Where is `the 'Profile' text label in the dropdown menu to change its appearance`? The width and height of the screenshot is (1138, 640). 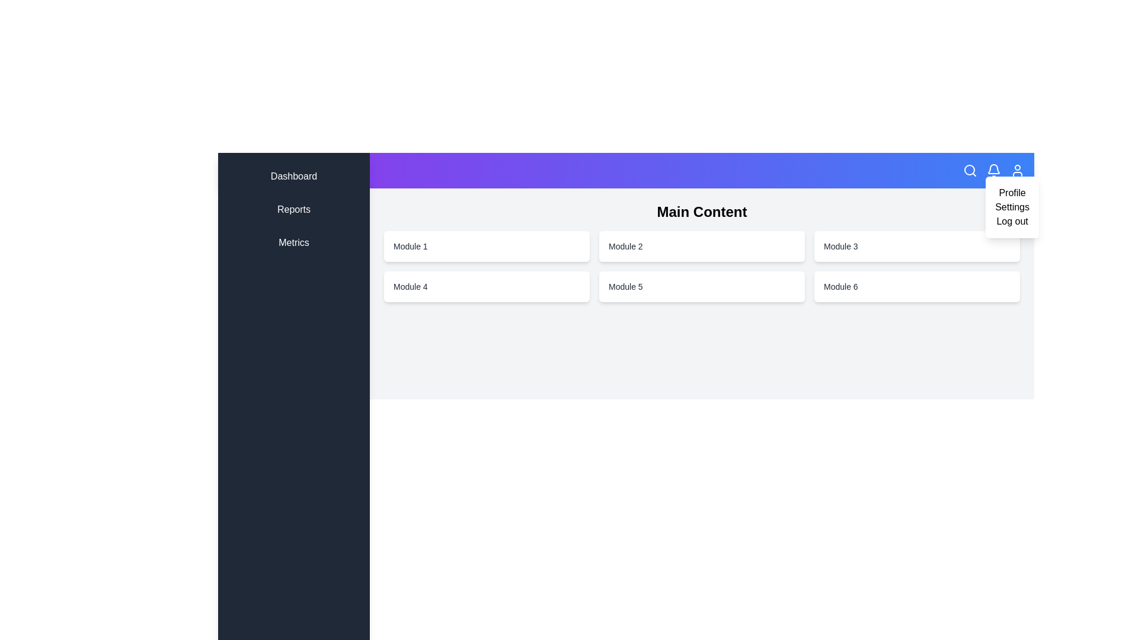
the 'Profile' text label in the dropdown menu to change its appearance is located at coordinates (1012, 193).